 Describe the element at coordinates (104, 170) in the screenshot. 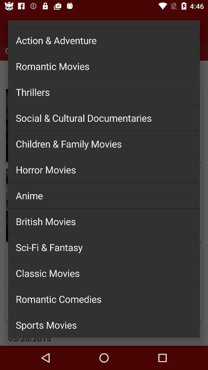

I see `the item below the    children & family movies` at that location.